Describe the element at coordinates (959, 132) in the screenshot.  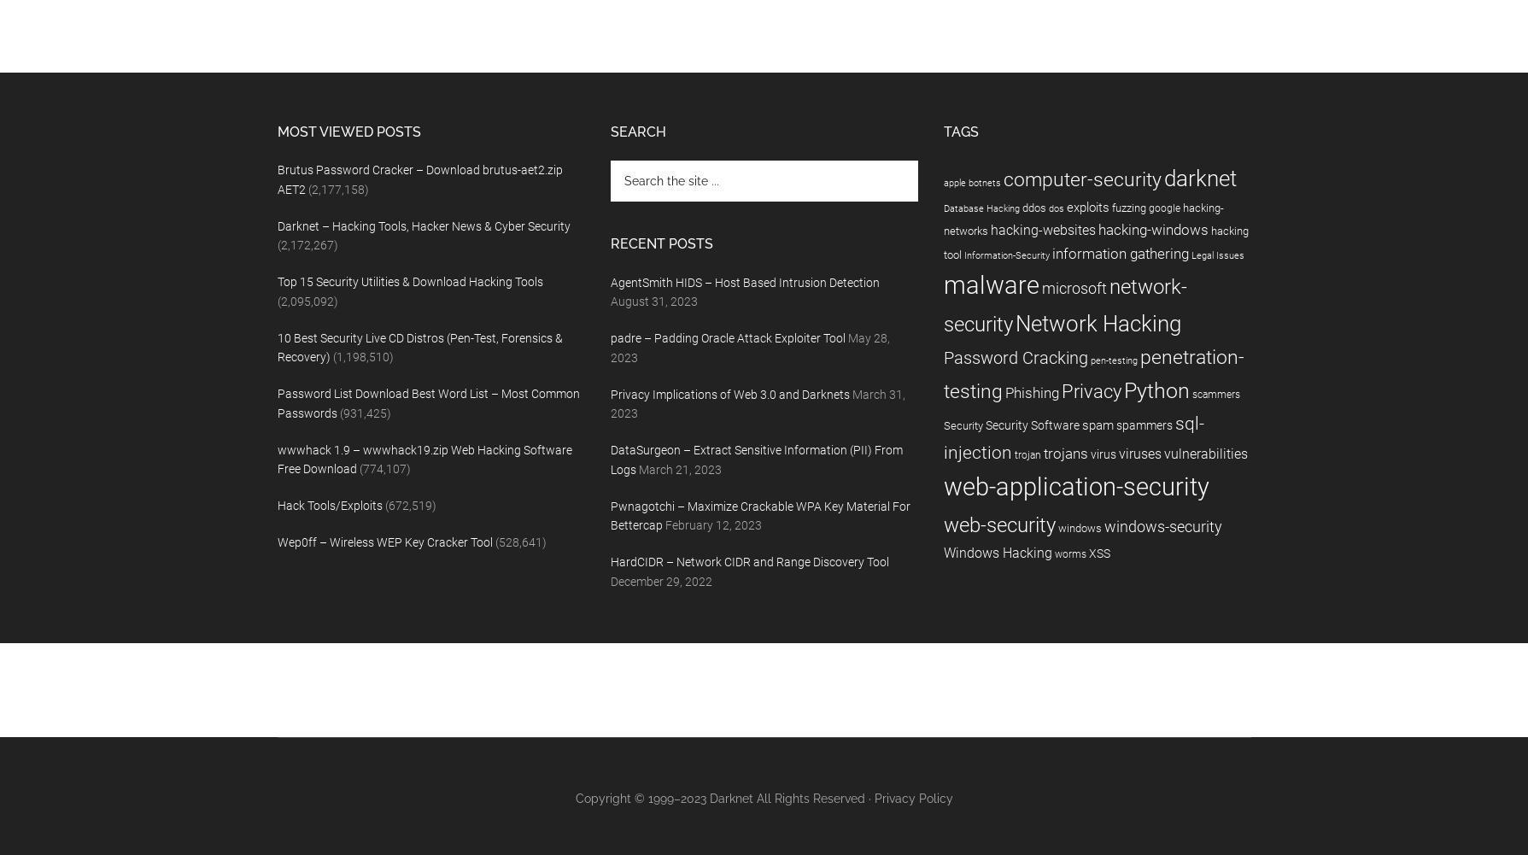
I see `'Tags'` at that location.